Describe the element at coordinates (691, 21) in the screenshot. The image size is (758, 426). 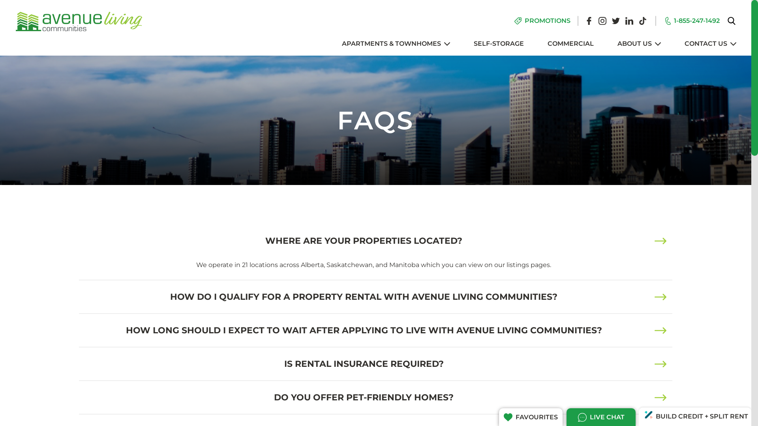
I see `'1-855-247-1492'` at that location.